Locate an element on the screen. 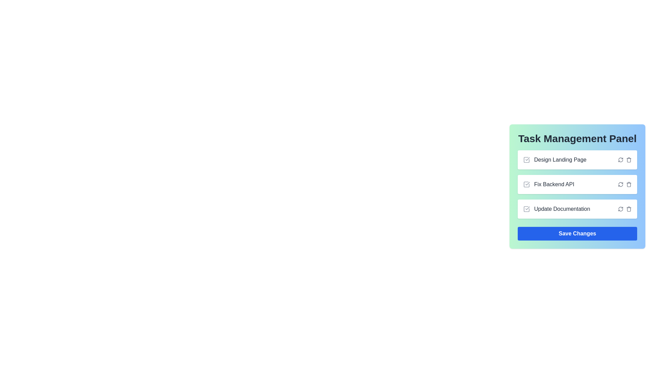 The width and height of the screenshot is (657, 369). the right icon (trash bin) is located at coordinates (624, 184).